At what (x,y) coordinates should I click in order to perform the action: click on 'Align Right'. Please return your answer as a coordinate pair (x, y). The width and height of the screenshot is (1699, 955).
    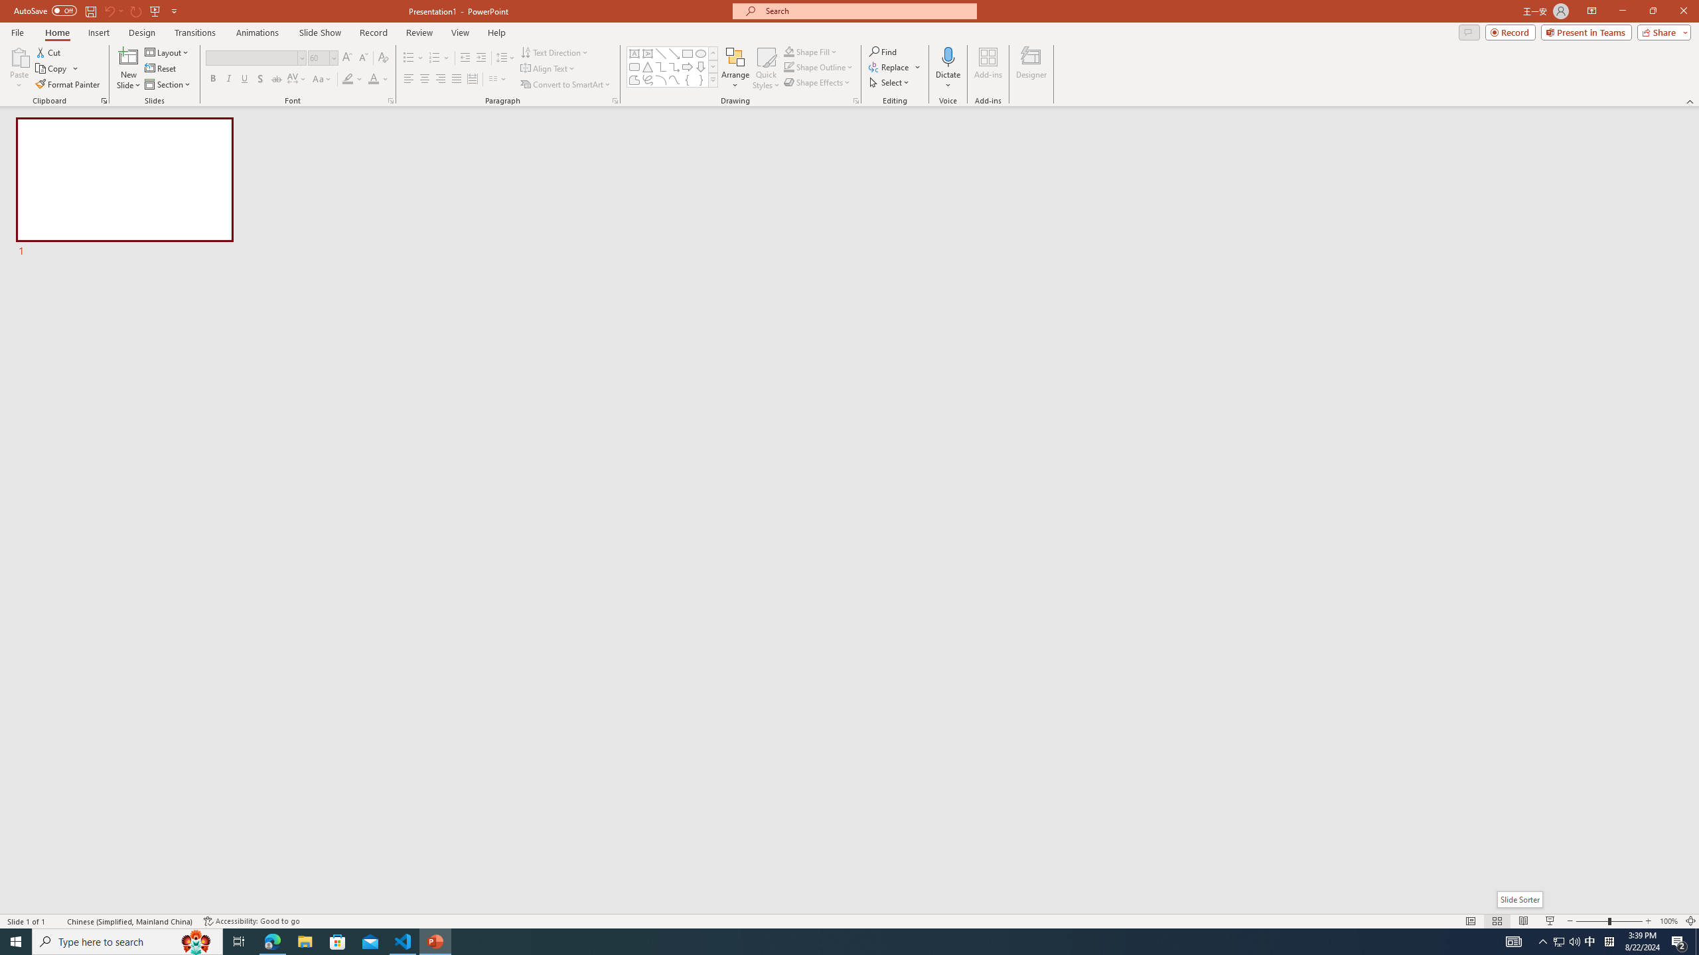
    Looking at the image, I should click on (441, 78).